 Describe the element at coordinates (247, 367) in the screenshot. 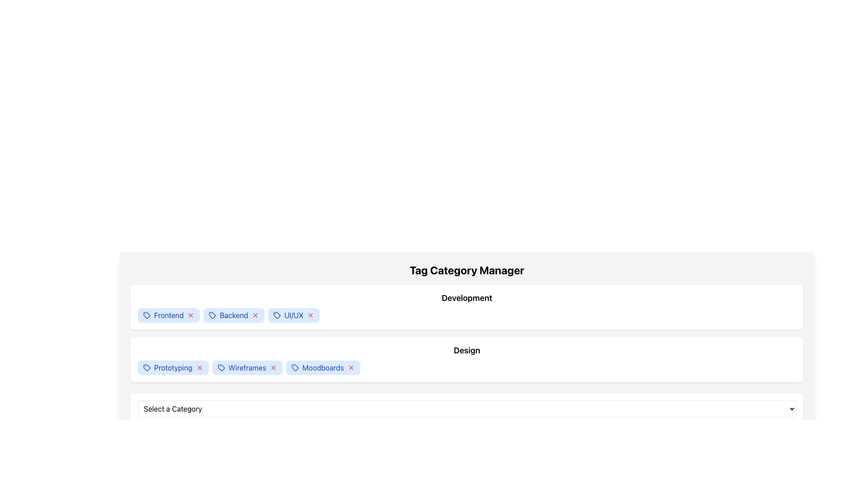

I see `the 'Wireframes' label, which is a blue tag within a rounded rectangular box in the 'Design' category` at that location.